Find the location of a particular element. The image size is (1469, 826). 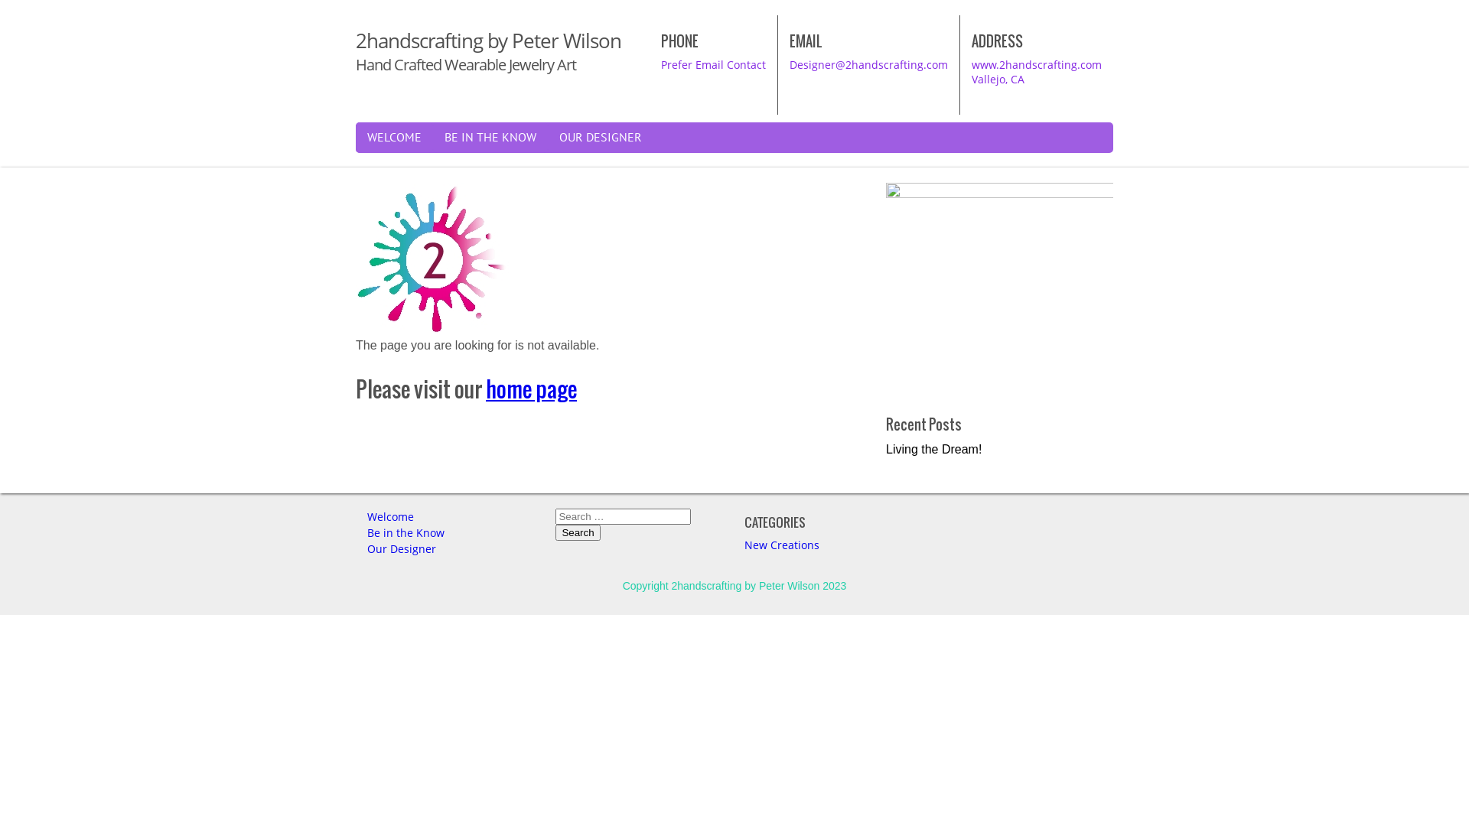

'Welcome' is located at coordinates (390, 516).